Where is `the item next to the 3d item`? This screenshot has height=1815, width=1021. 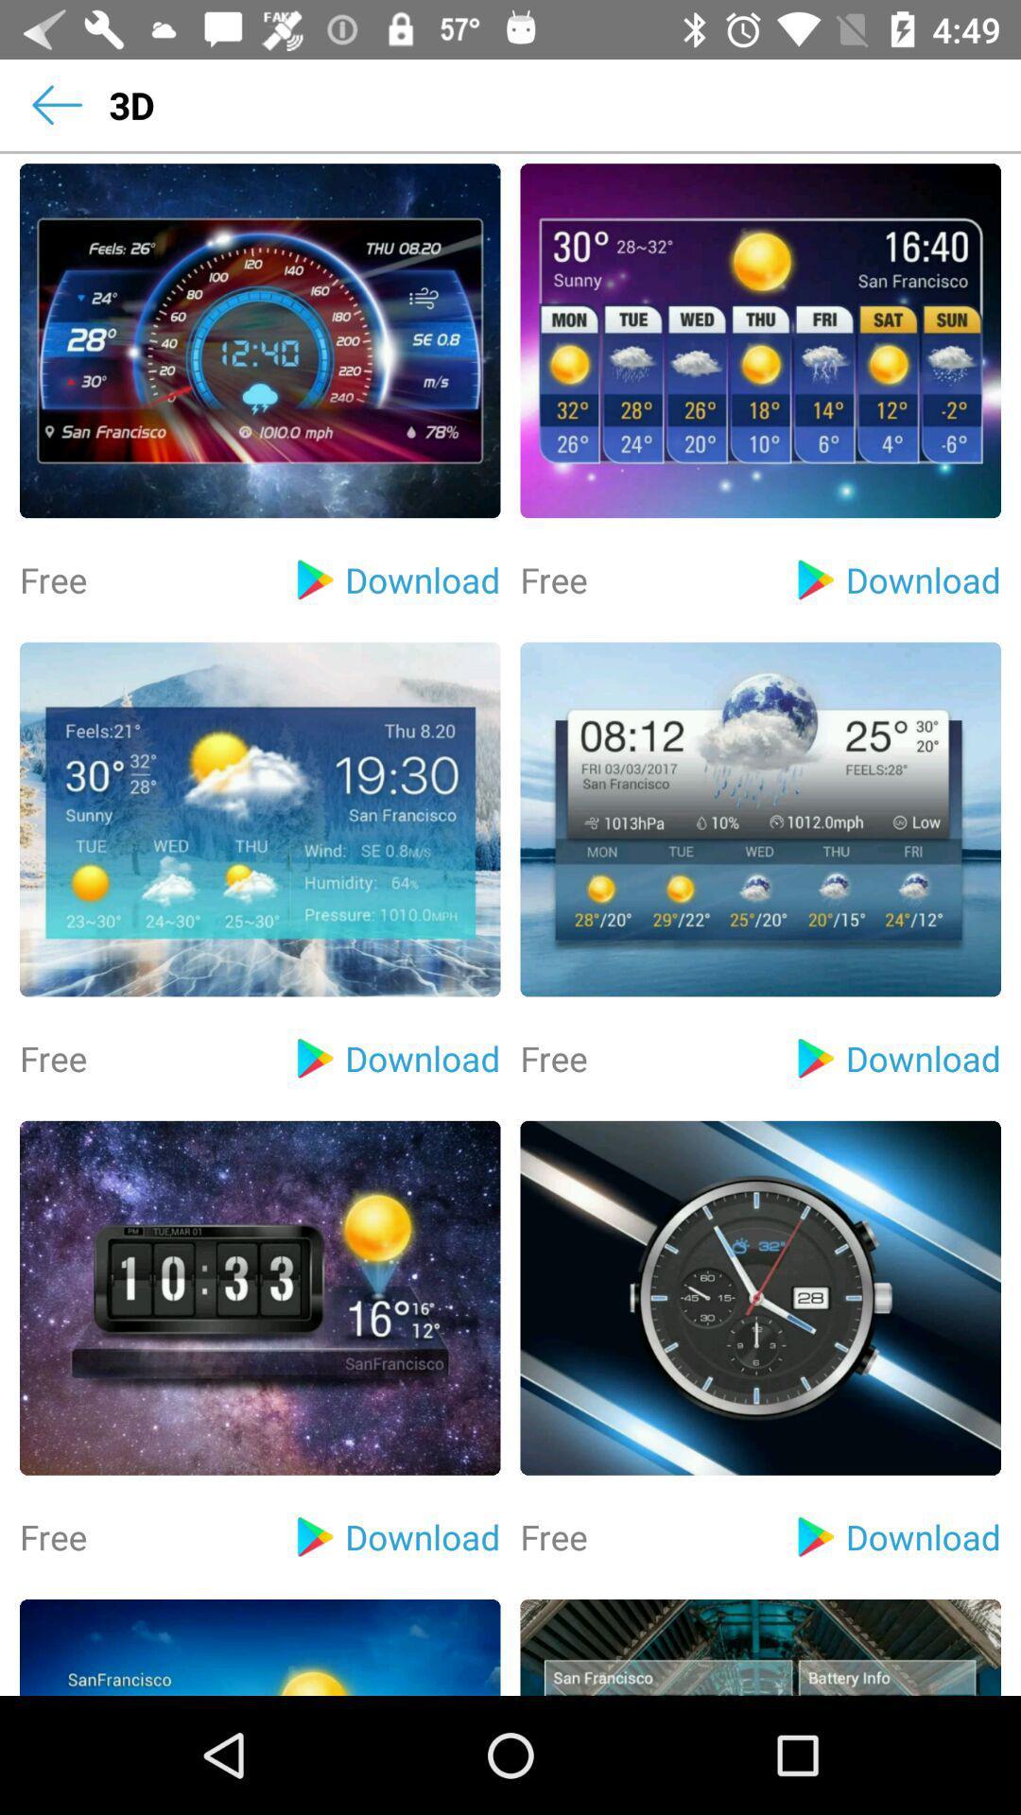
the item next to the 3d item is located at coordinates (56, 104).